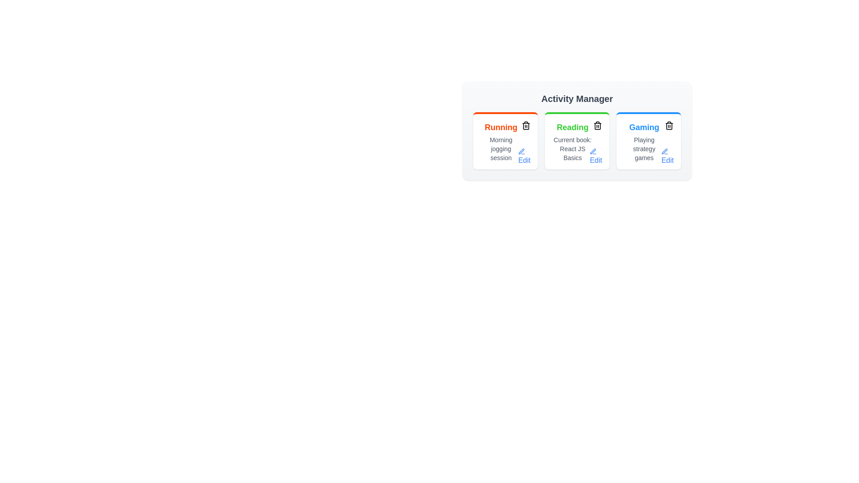  Describe the element at coordinates (577, 98) in the screenshot. I see `the 'Activity Manager' header` at that location.